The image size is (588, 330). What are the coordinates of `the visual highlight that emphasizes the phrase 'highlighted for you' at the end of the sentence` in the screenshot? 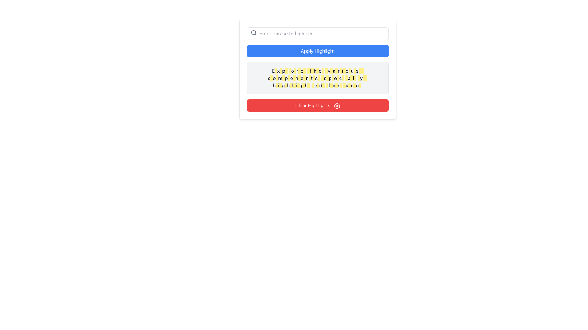 It's located at (340, 86).